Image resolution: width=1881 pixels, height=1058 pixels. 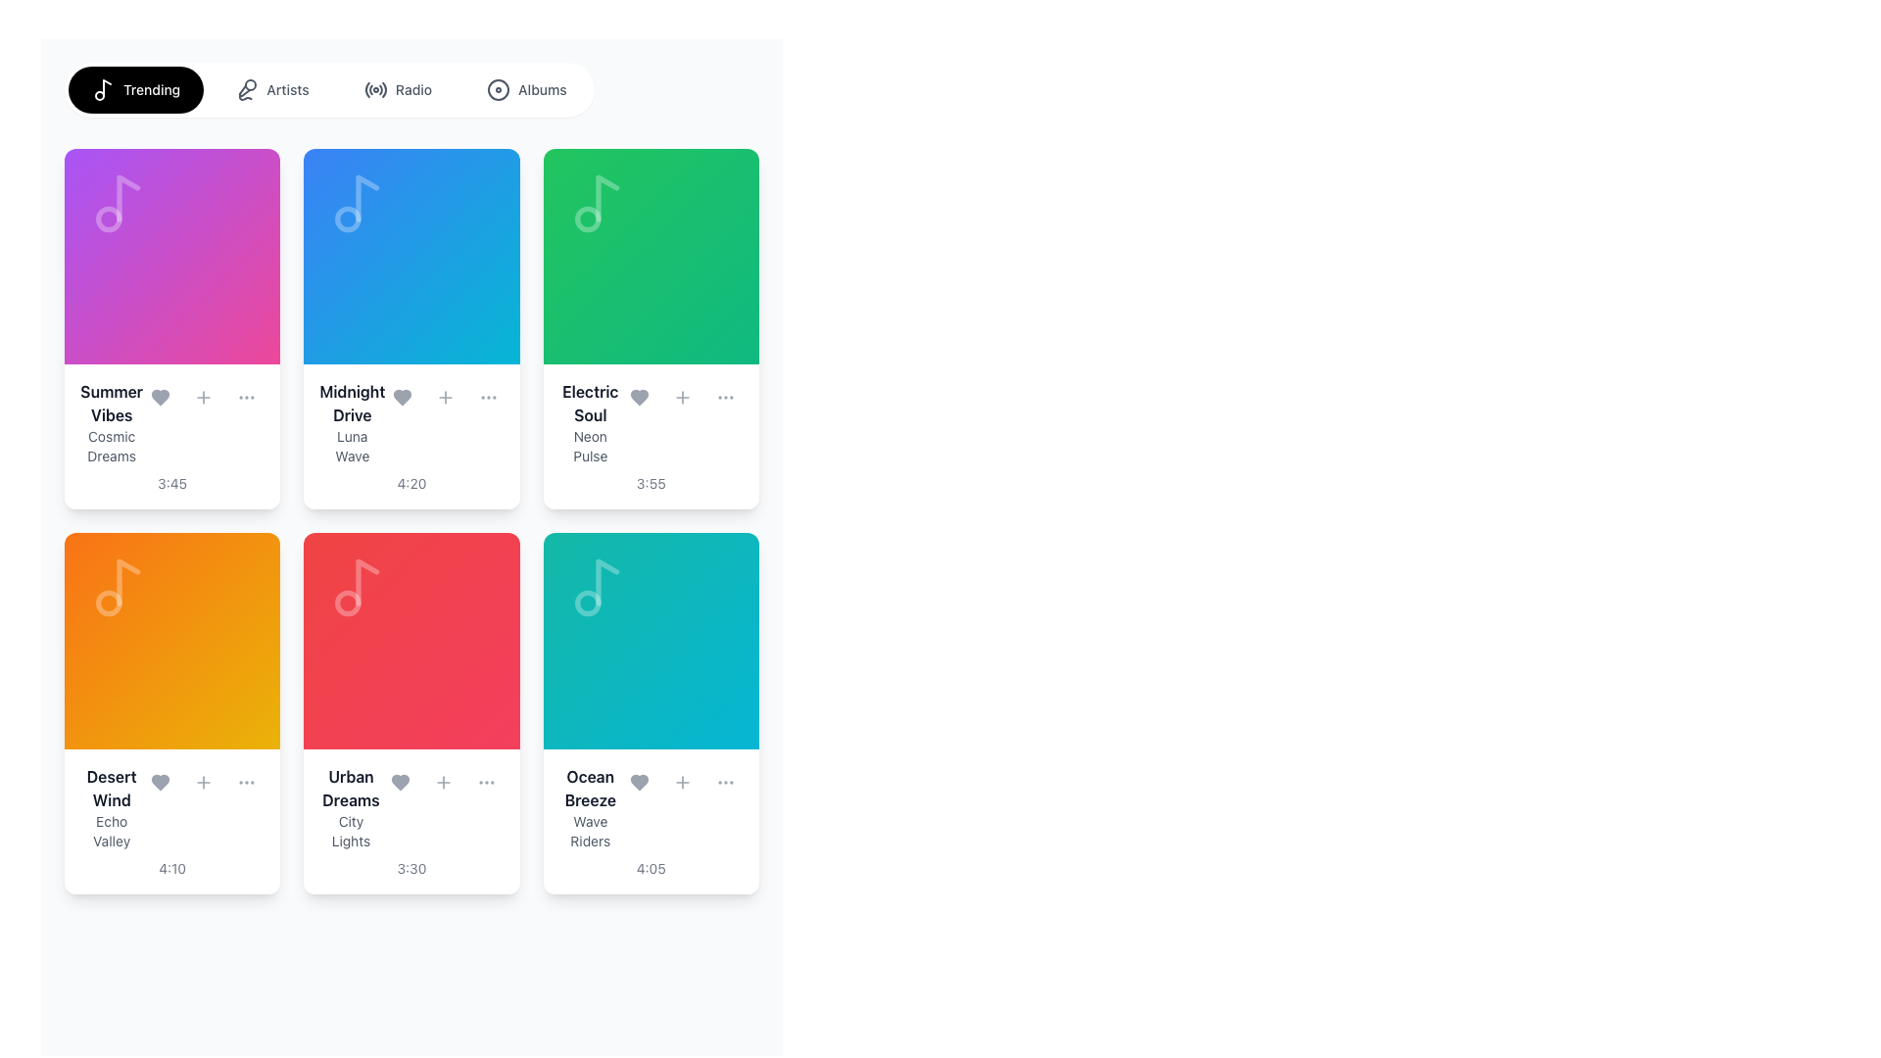 I want to click on the Text Display containing 'Summer Vibes' and 'Cosmic Dreams', so click(x=111, y=422).